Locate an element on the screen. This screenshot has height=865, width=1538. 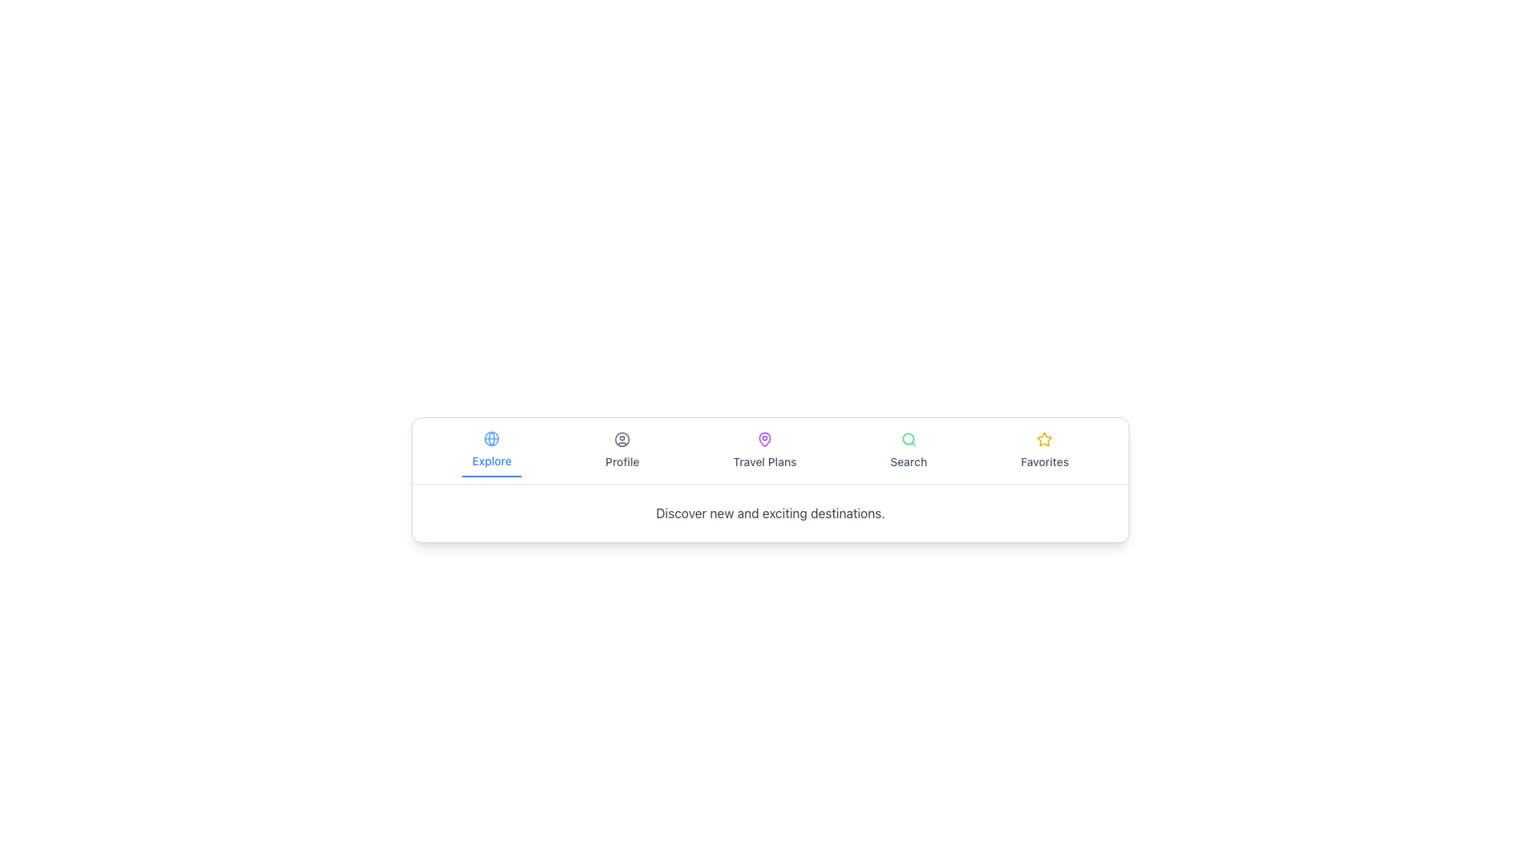
the profile icon located in the second position from the left in the horizontal navigation menu is located at coordinates (622, 439).